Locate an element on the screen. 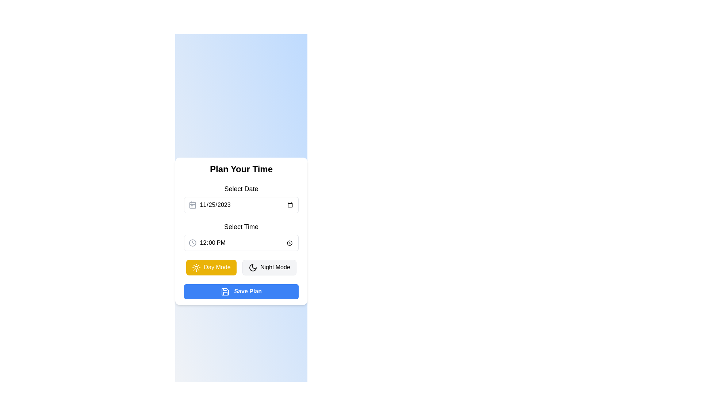 The height and width of the screenshot is (394, 701). the moon icon representing the 'Night Mode' feature is located at coordinates (253, 267).